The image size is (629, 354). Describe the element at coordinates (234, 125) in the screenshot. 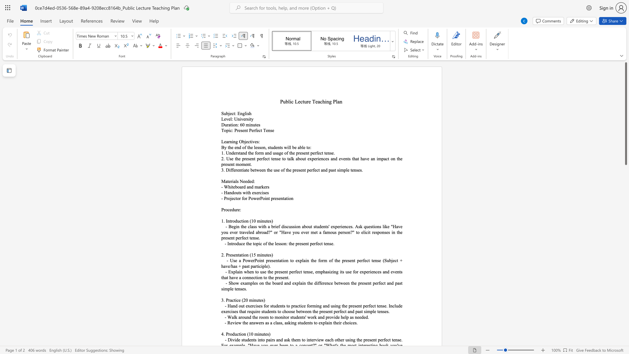

I see `the 1th character "o" in the text` at that location.